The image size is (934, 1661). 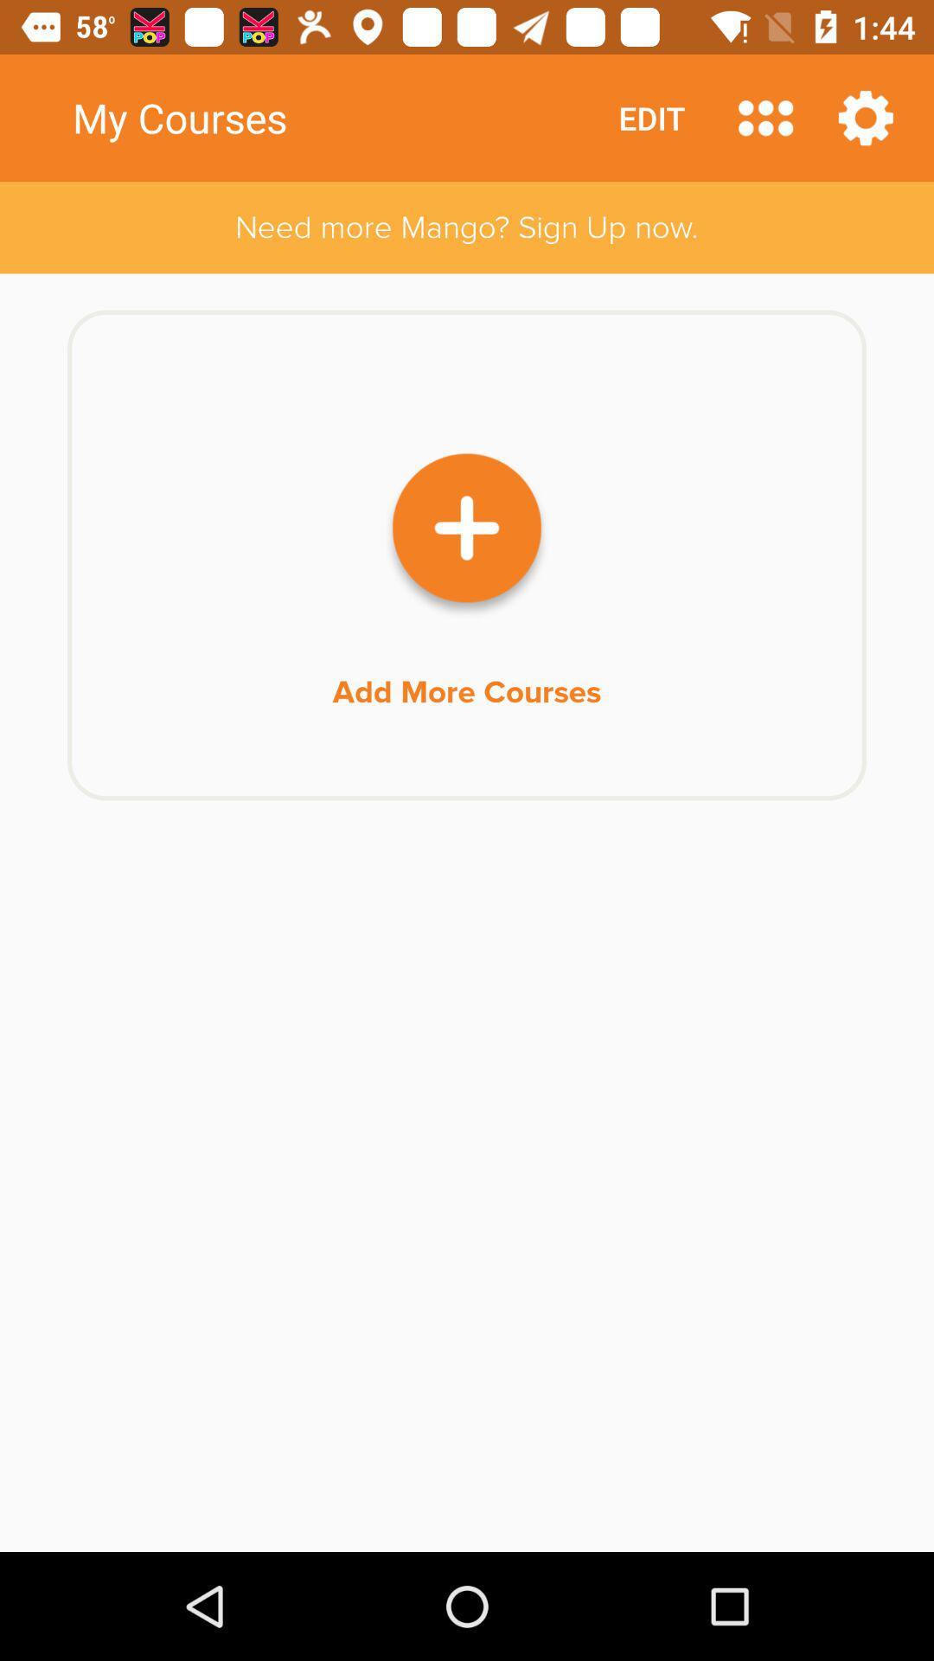 What do you see at coordinates (467, 227) in the screenshot?
I see `need more mango` at bounding box center [467, 227].